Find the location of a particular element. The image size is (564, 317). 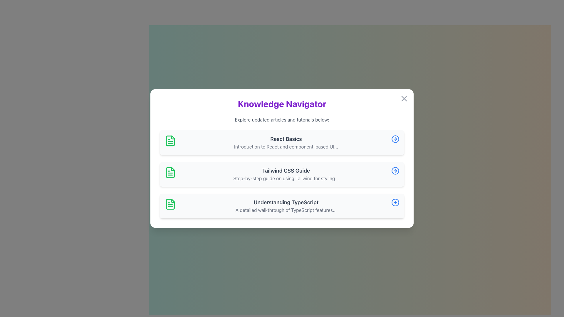

the 'Tailwind CSS Guide' text display is located at coordinates (286, 174).